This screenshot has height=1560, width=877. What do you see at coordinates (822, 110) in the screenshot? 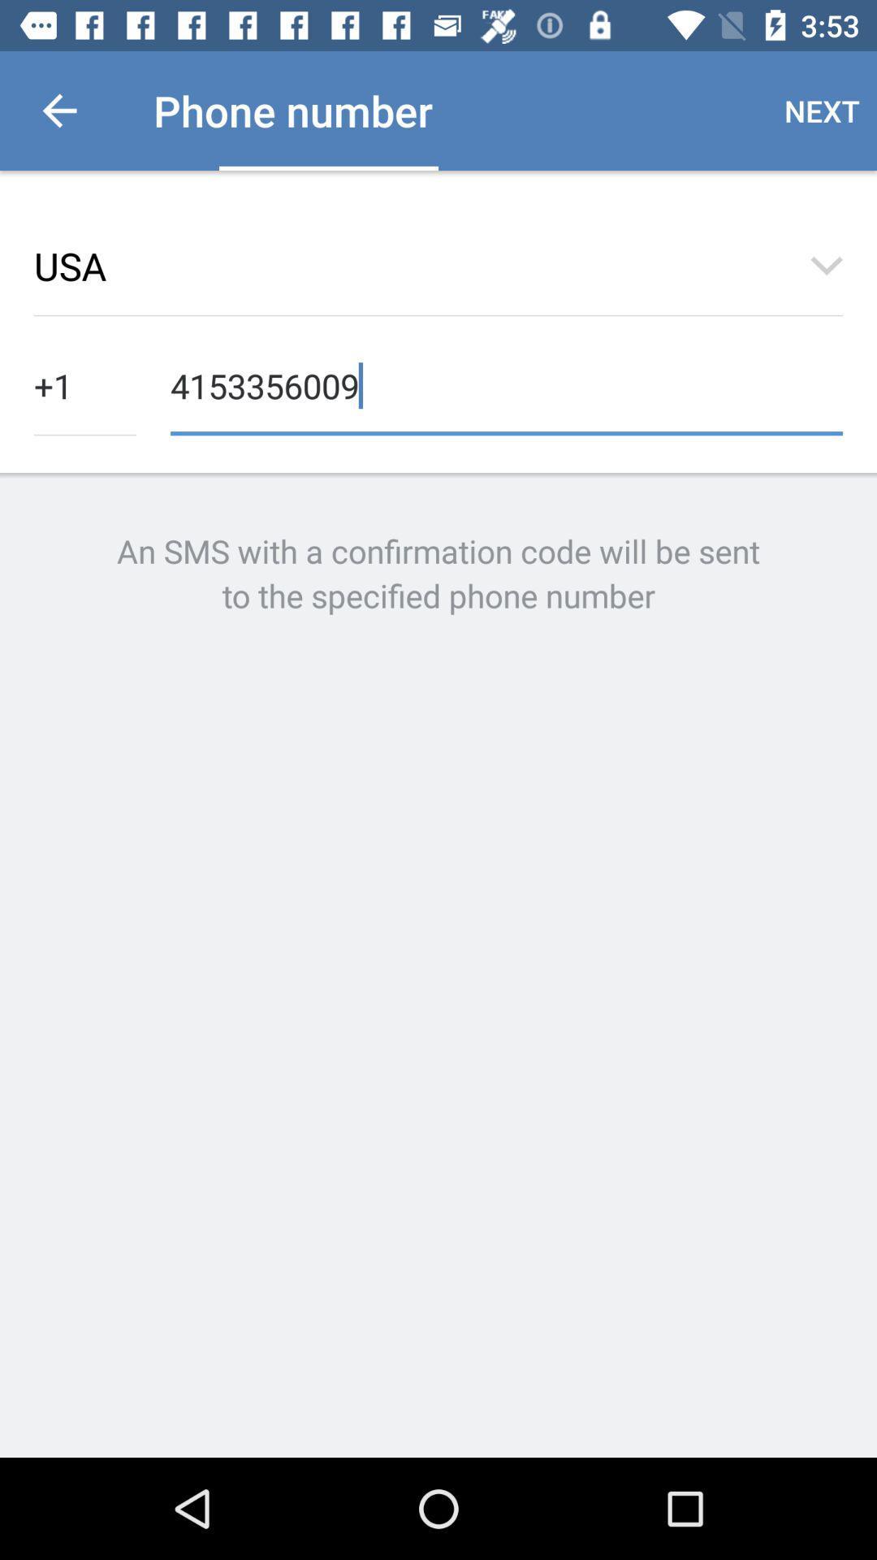
I see `the icon to the right of the phone number icon` at bounding box center [822, 110].